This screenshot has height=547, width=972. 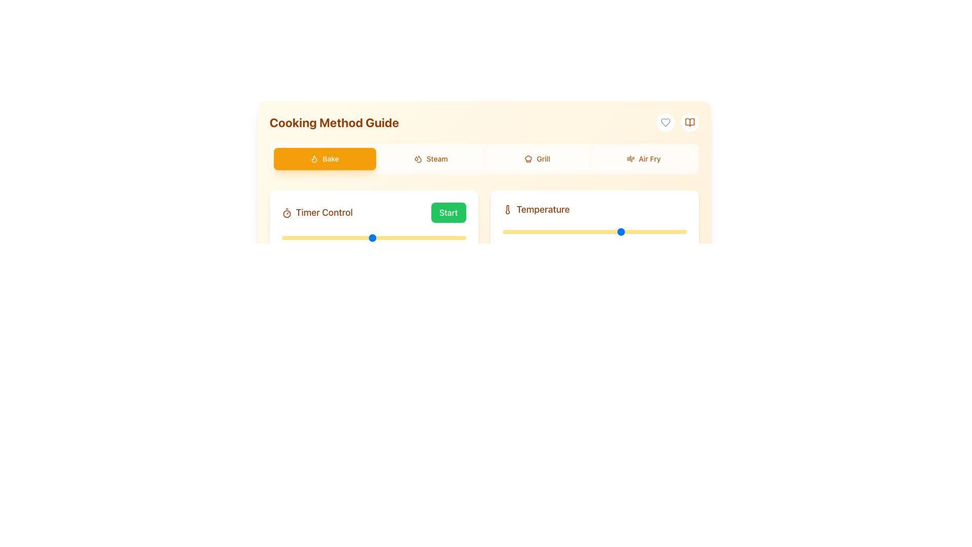 What do you see at coordinates (530, 232) in the screenshot?
I see `the temperature slider` at bounding box center [530, 232].